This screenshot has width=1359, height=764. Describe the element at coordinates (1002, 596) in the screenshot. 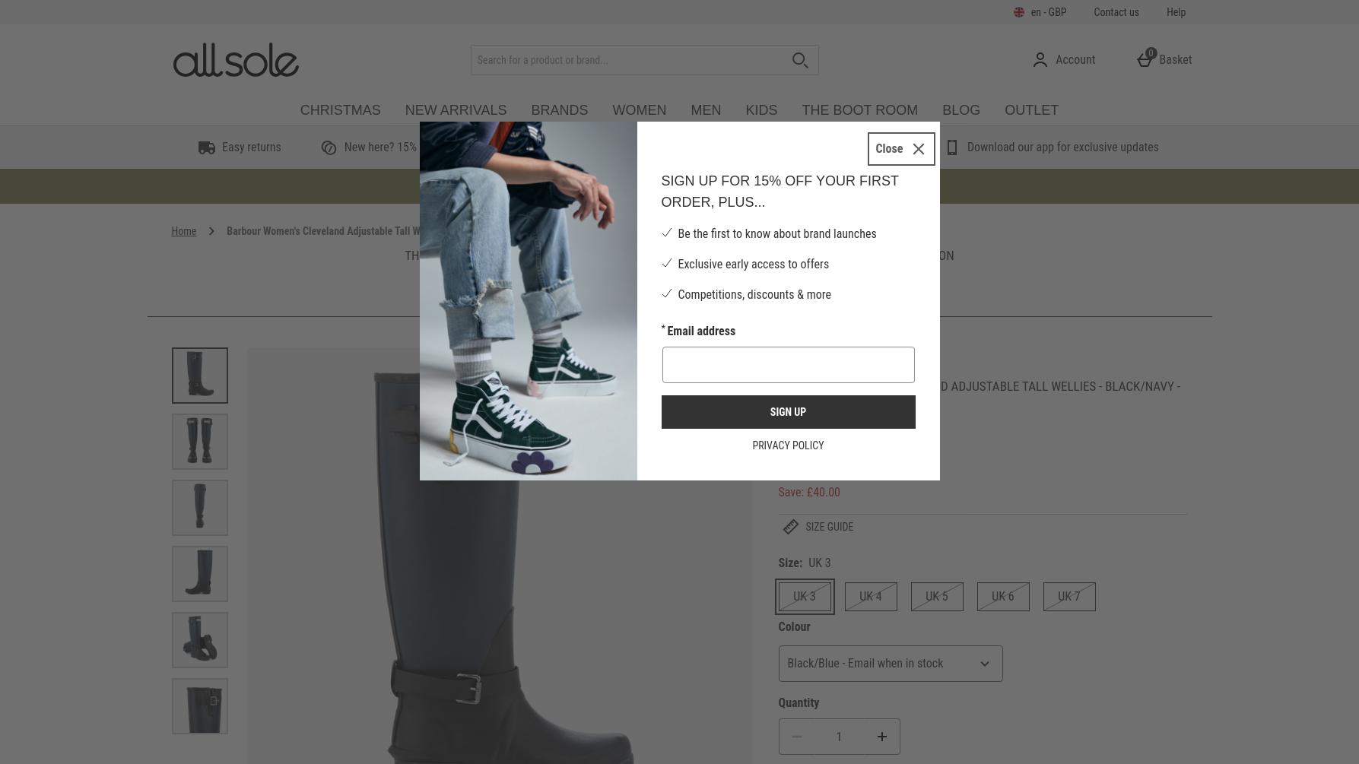

I see `'UK 6'` at that location.